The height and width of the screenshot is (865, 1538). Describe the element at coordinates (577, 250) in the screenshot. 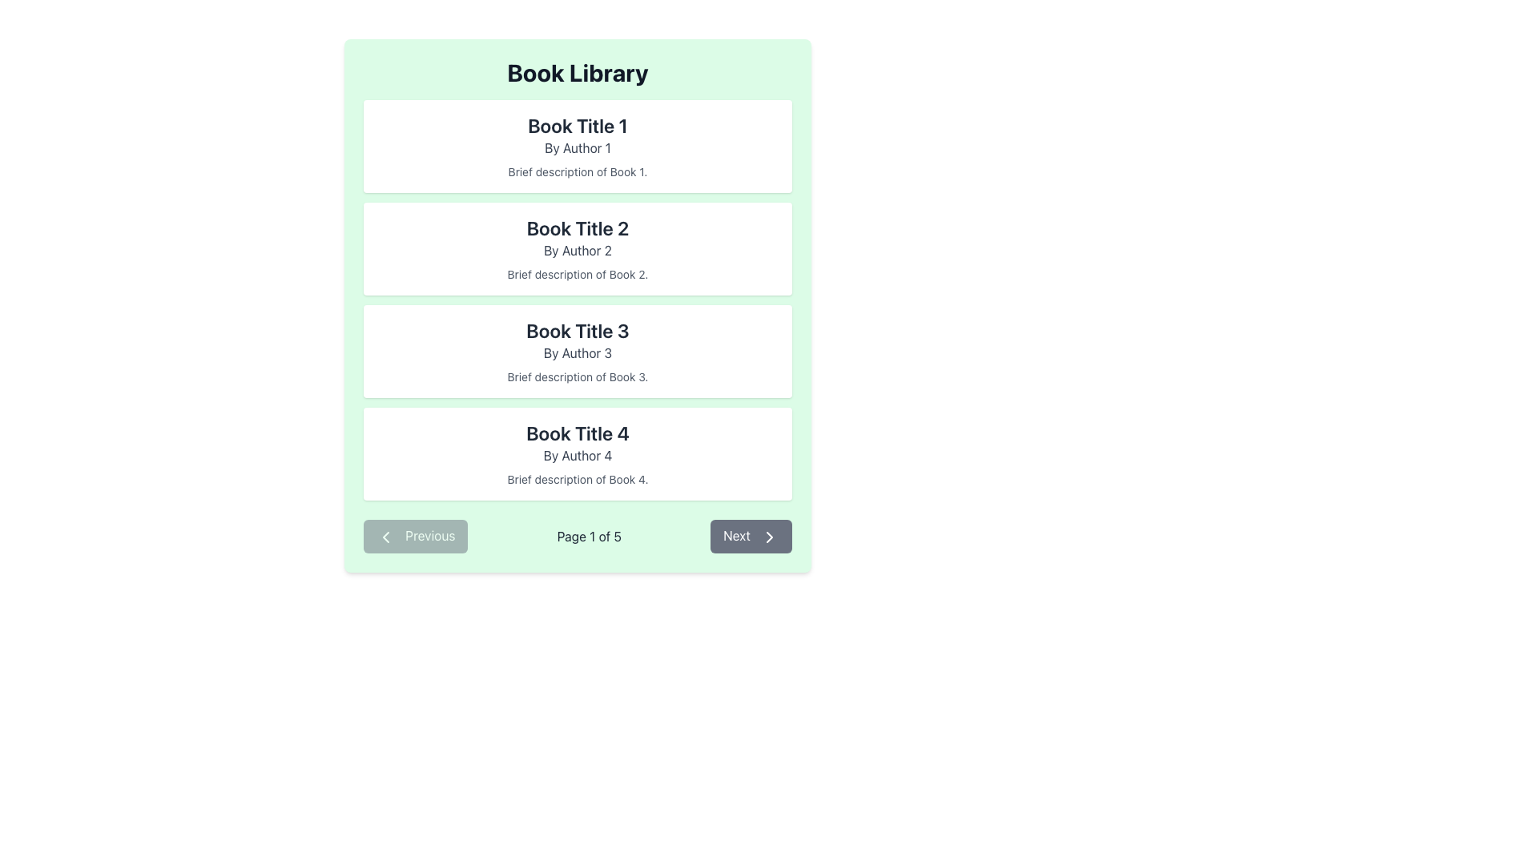

I see `text label displaying 'By Author 2', which is styled in gray and positioned within a card layout below the title 'Book Title 2'` at that location.